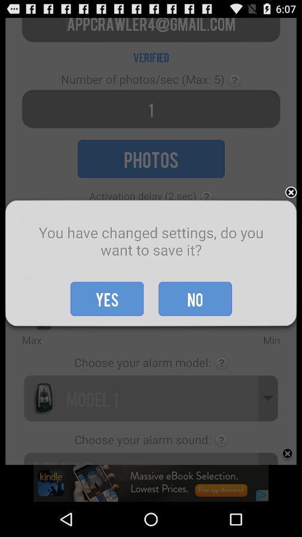 The image size is (302, 537). What do you see at coordinates (107, 298) in the screenshot?
I see `the yes icon` at bounding box center [107, 298].